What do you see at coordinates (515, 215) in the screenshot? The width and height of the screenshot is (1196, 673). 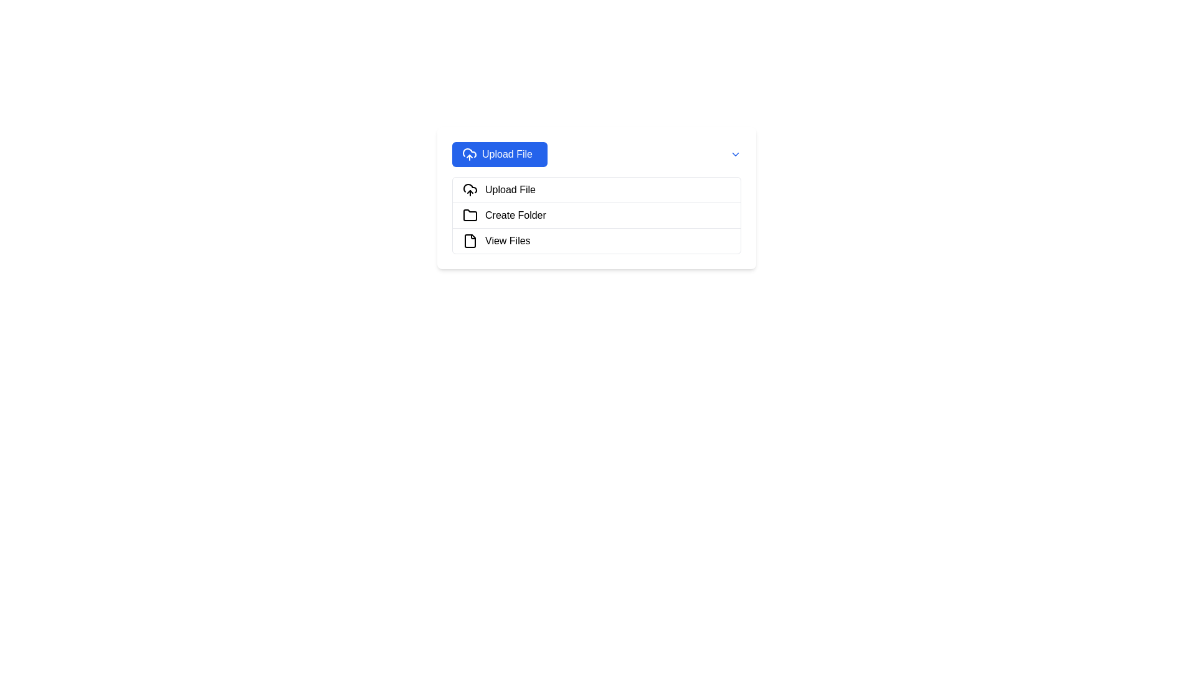 I see `the text label indicating 'Create New Folder' in the dropdown menu` at bounding box center [515, 215].